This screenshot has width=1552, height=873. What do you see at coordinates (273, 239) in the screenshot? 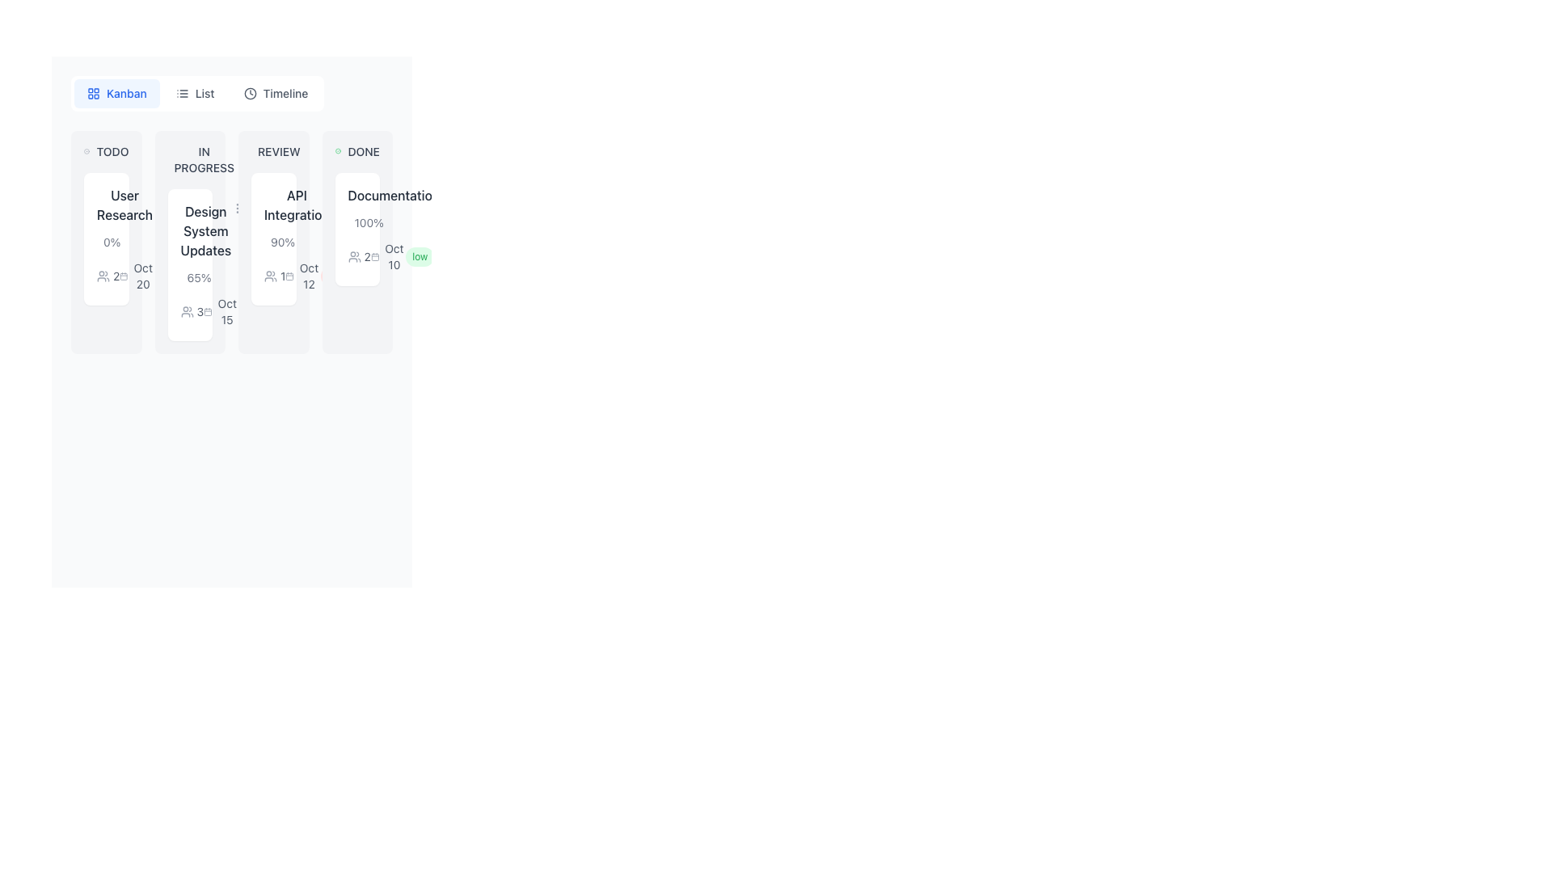
I see `the 'API Integration' Task Card located in the 'REVIEW' column of the Kanban board` at bounding box center [273, 239].